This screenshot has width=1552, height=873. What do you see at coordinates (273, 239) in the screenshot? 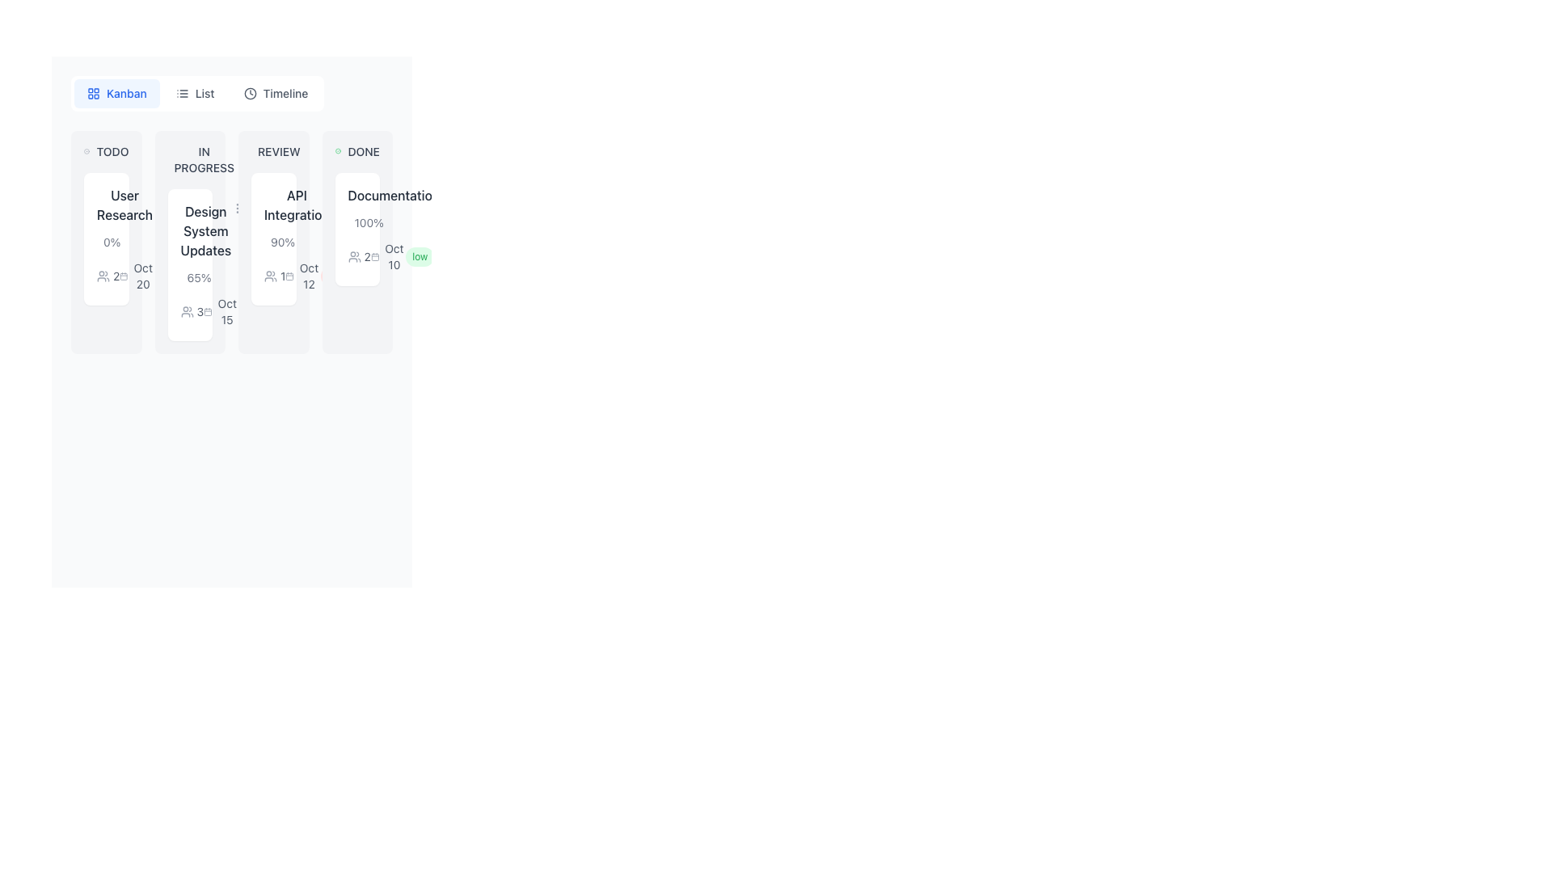
I see `the 'API Integration' Task Card located in the 'REVIEW' column of the Kanban board` at bounding box center [273, 239].